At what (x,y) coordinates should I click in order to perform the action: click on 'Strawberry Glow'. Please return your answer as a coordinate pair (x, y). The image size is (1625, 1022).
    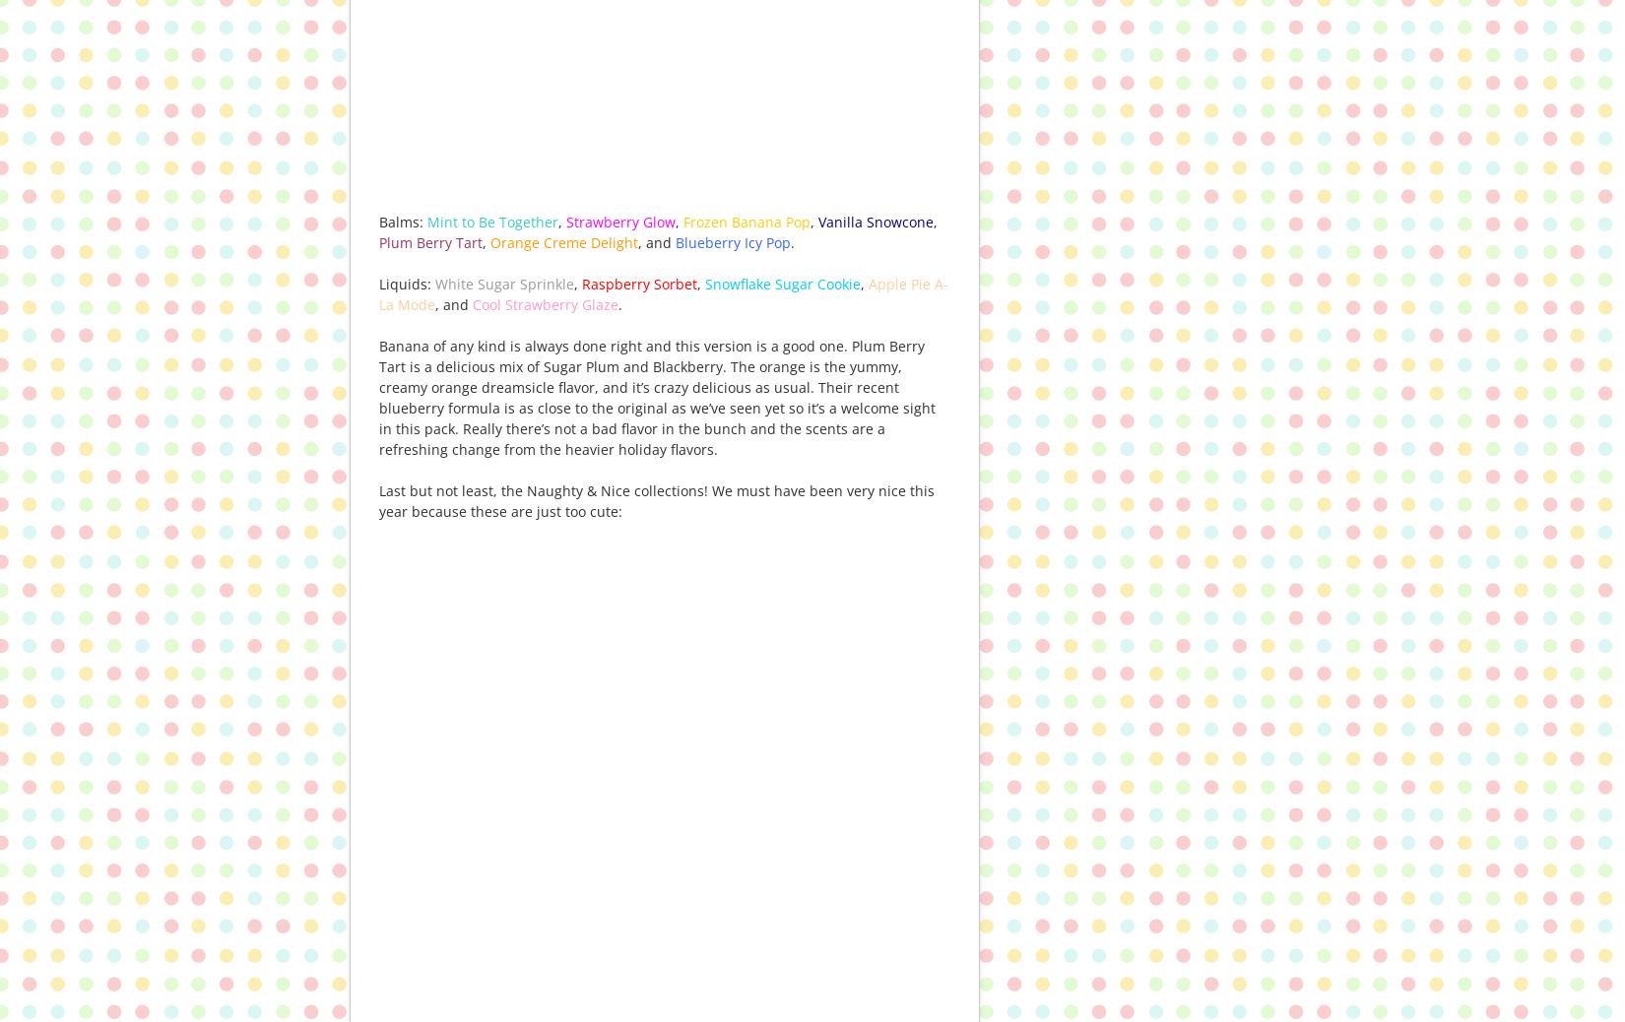
    Looking at the image, I should click on (619, 220).